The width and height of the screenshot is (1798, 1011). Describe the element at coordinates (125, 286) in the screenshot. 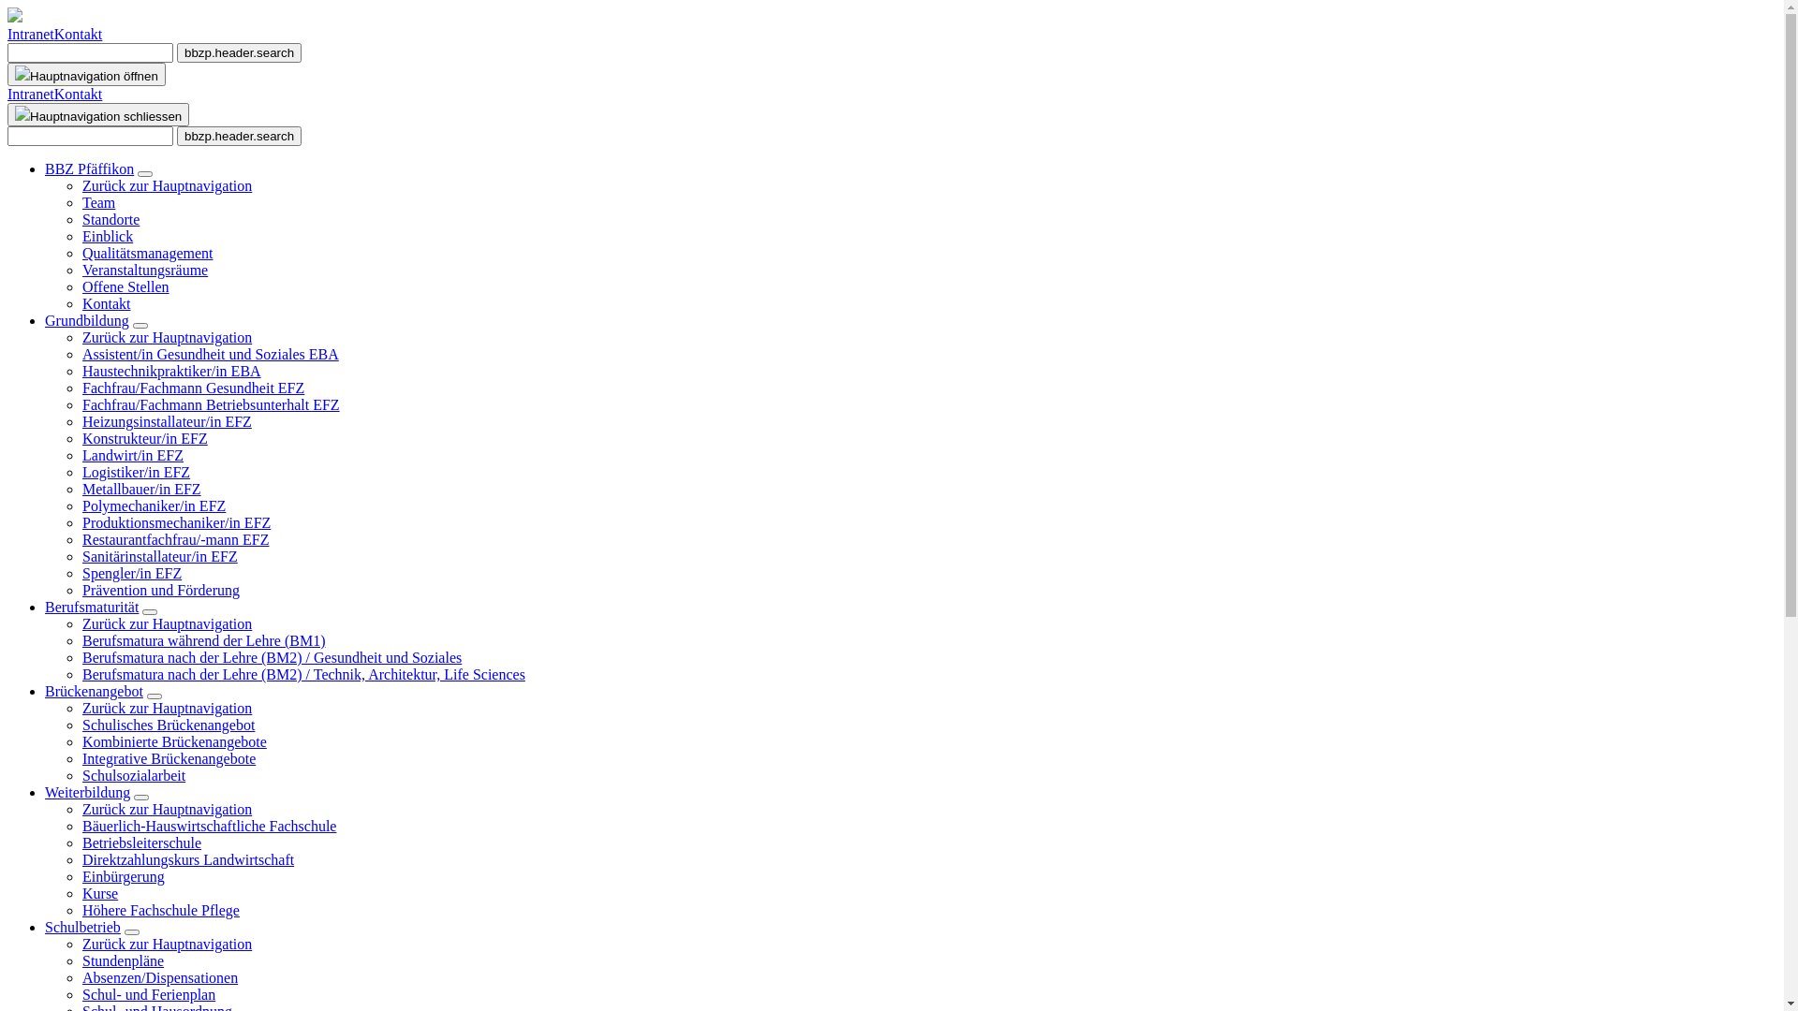

I see `'Offene Stellen'` at that location.